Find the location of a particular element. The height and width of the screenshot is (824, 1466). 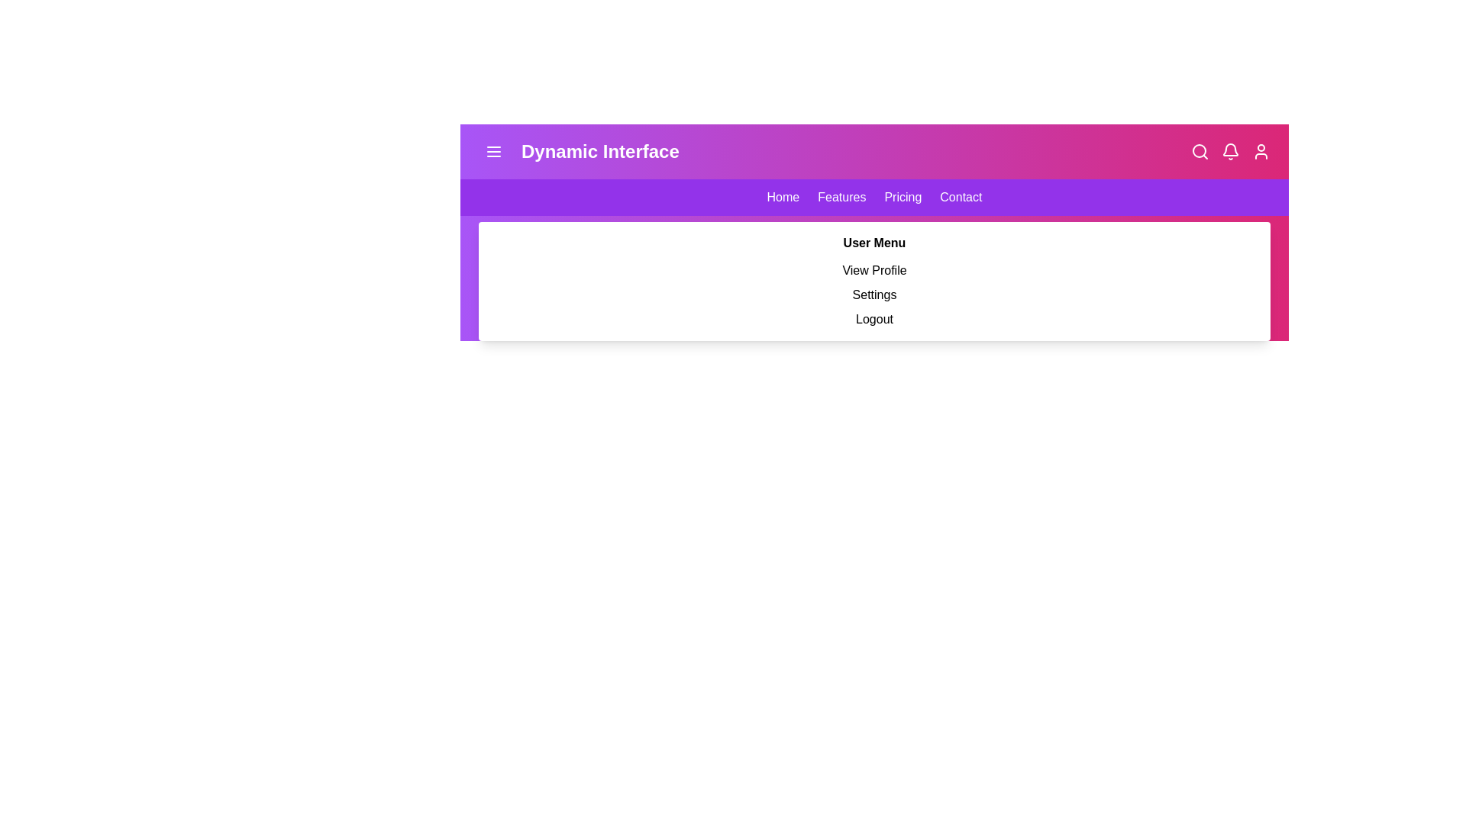

the navigation link Pricing is located at coordinates (903, 196).